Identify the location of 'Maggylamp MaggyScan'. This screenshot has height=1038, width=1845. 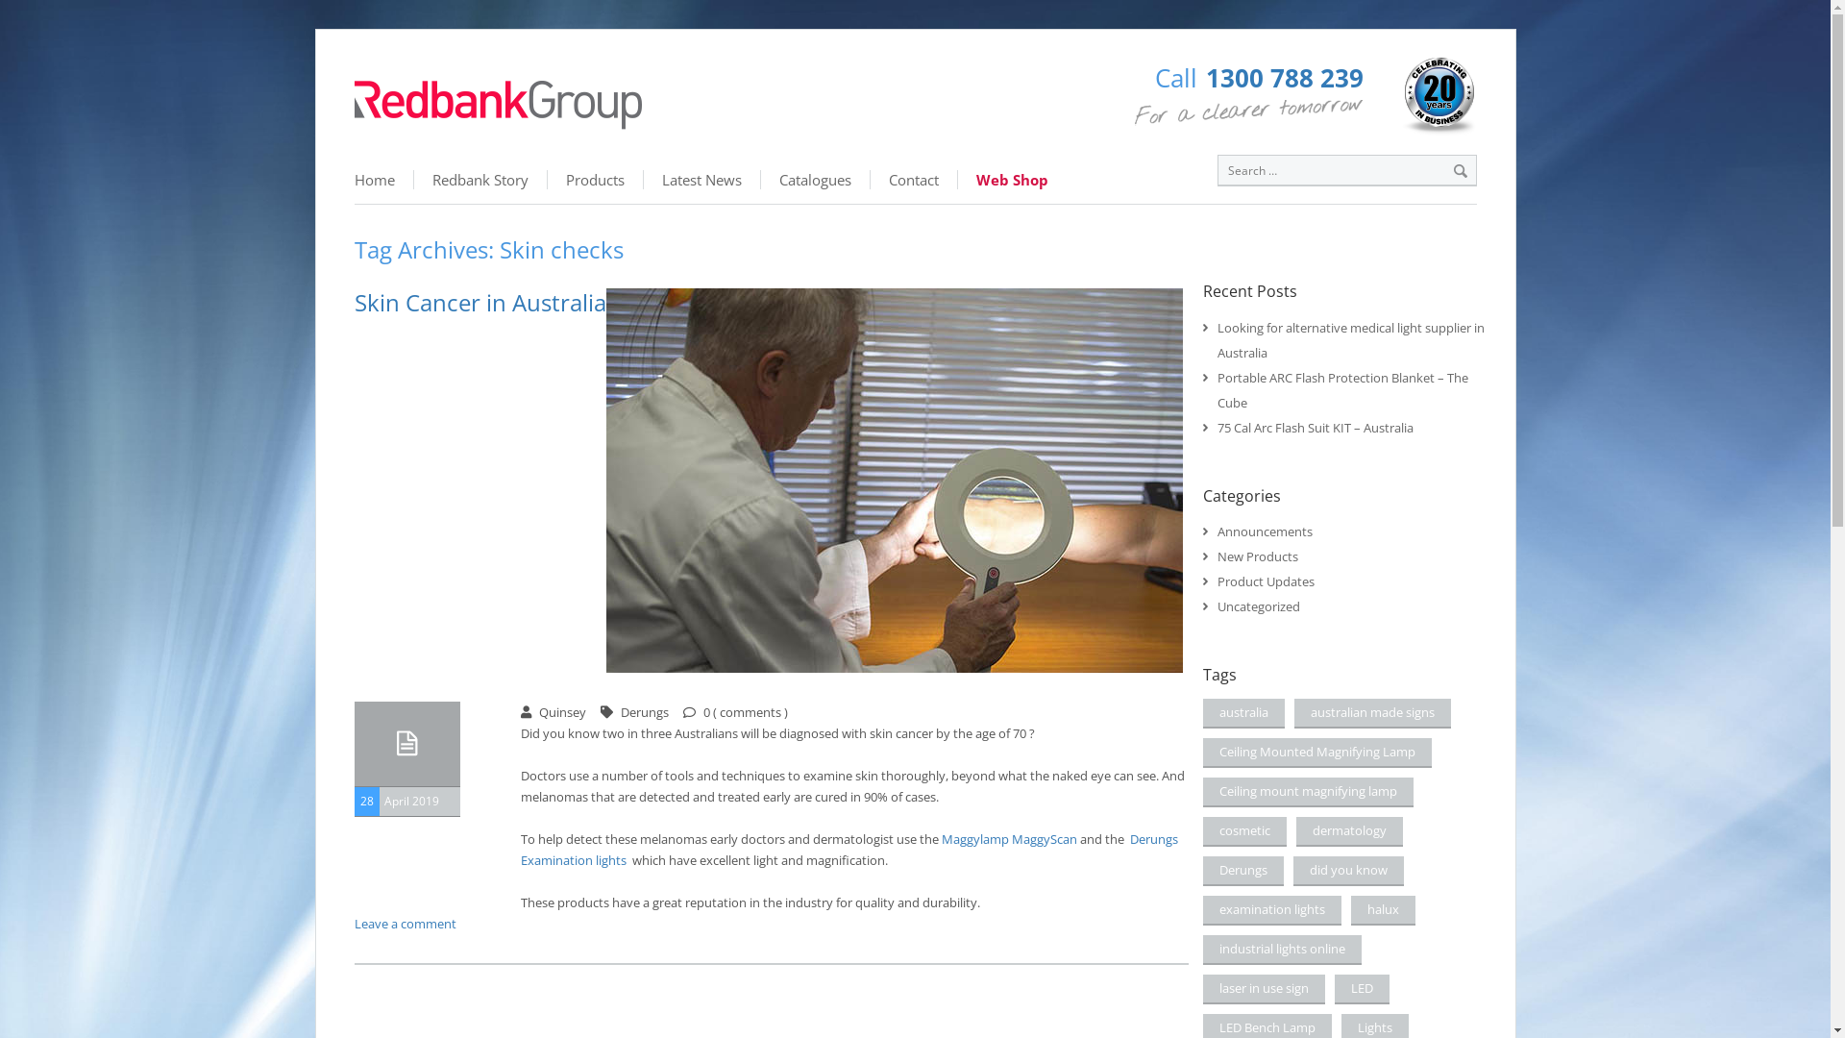
(1008, 837).